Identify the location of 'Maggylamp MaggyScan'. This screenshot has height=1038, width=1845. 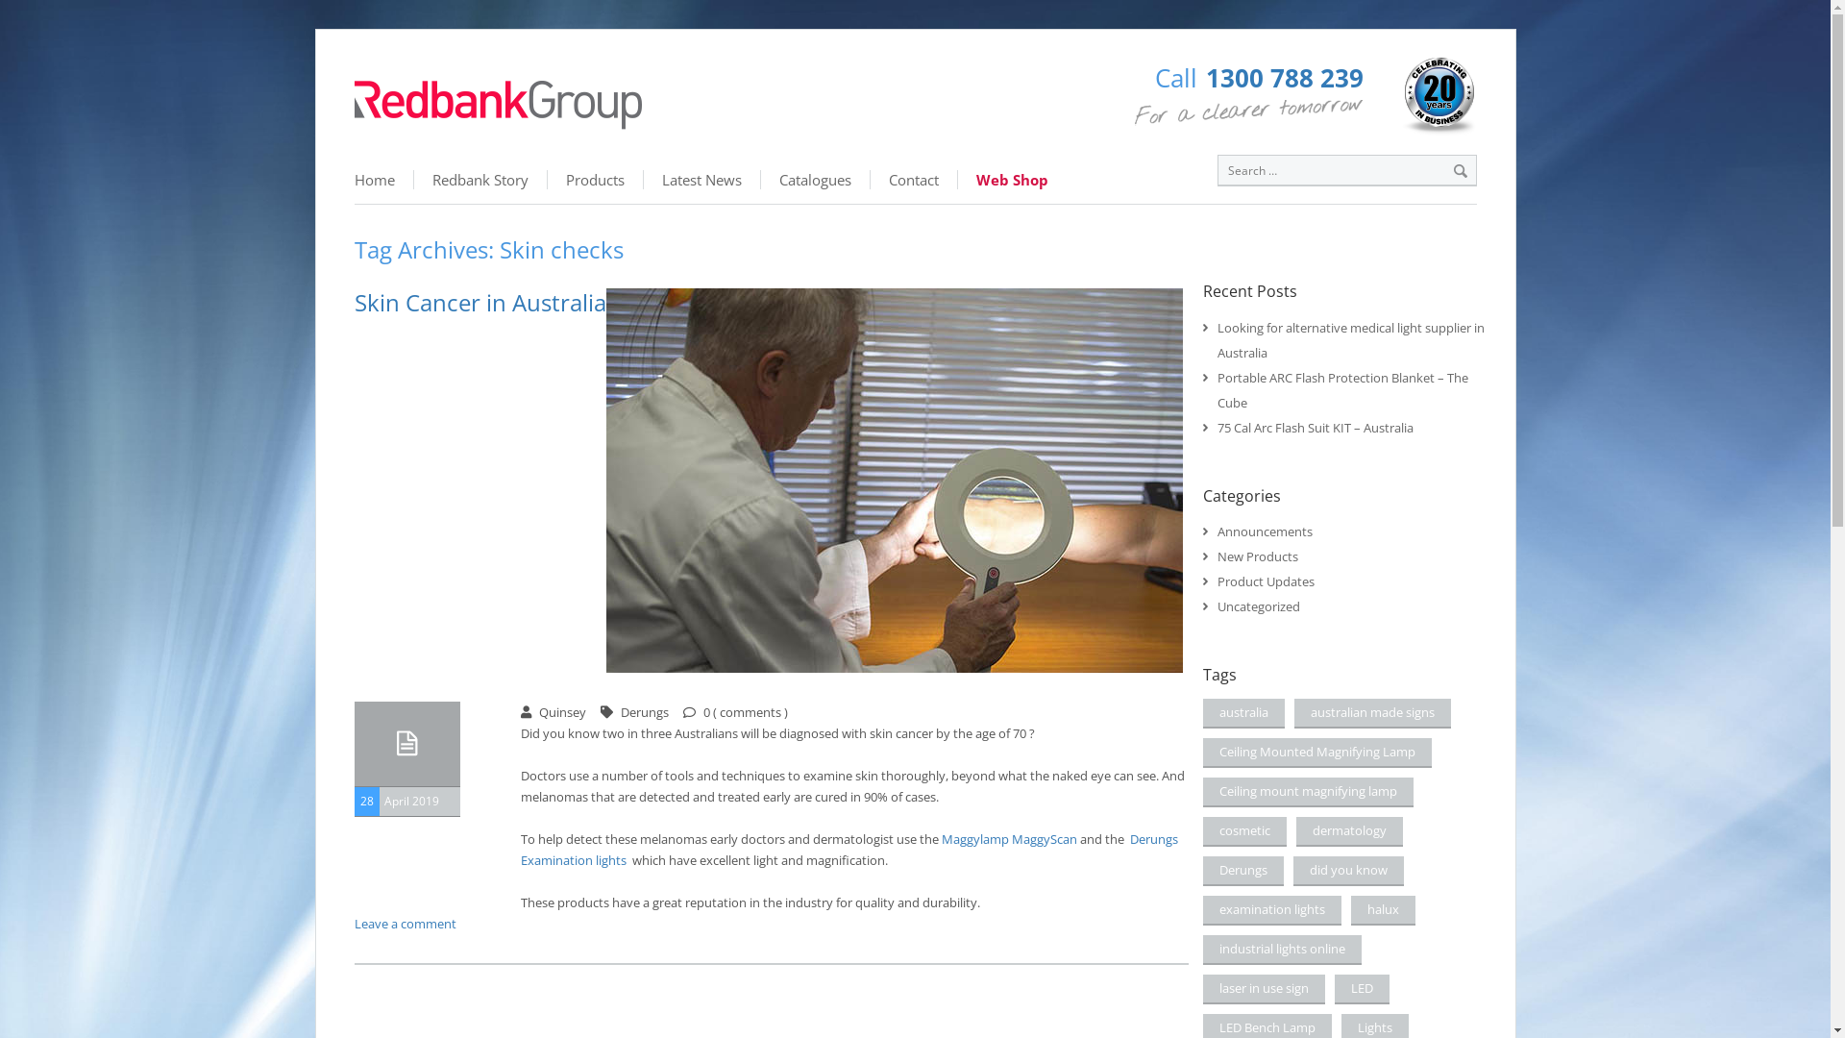
(1008, 837).